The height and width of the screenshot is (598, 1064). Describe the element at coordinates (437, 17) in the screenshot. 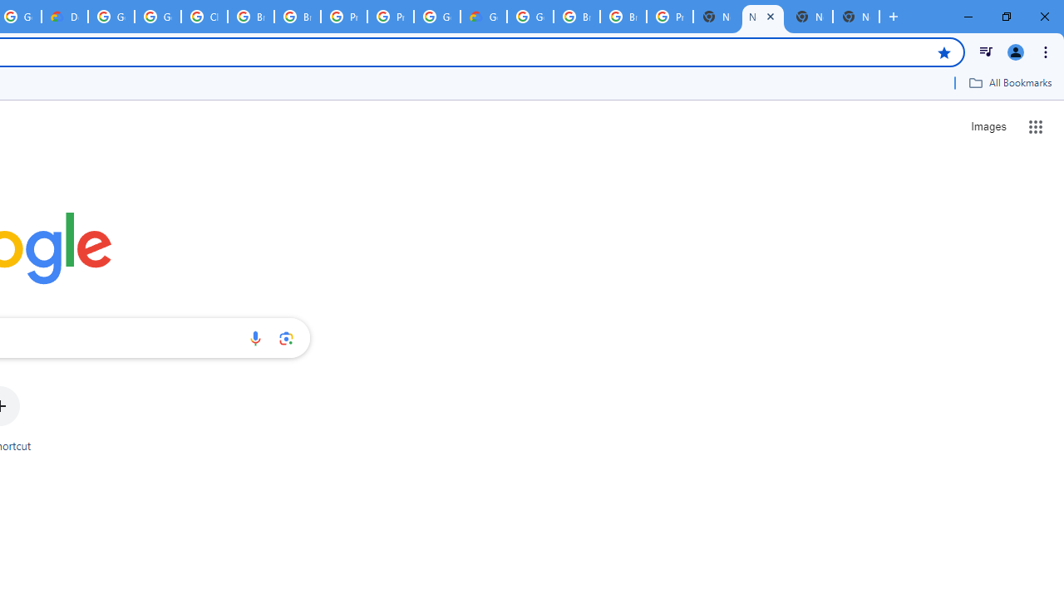

I see `'Google Cloud Platform'` at that location.